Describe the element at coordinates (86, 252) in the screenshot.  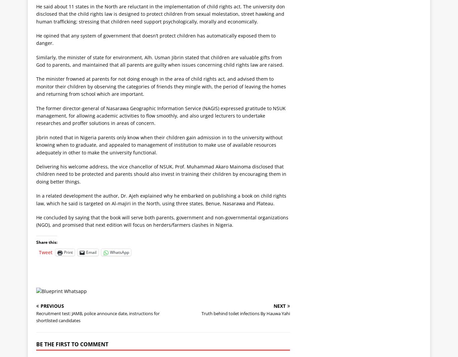
I see `'Email'` at that location.